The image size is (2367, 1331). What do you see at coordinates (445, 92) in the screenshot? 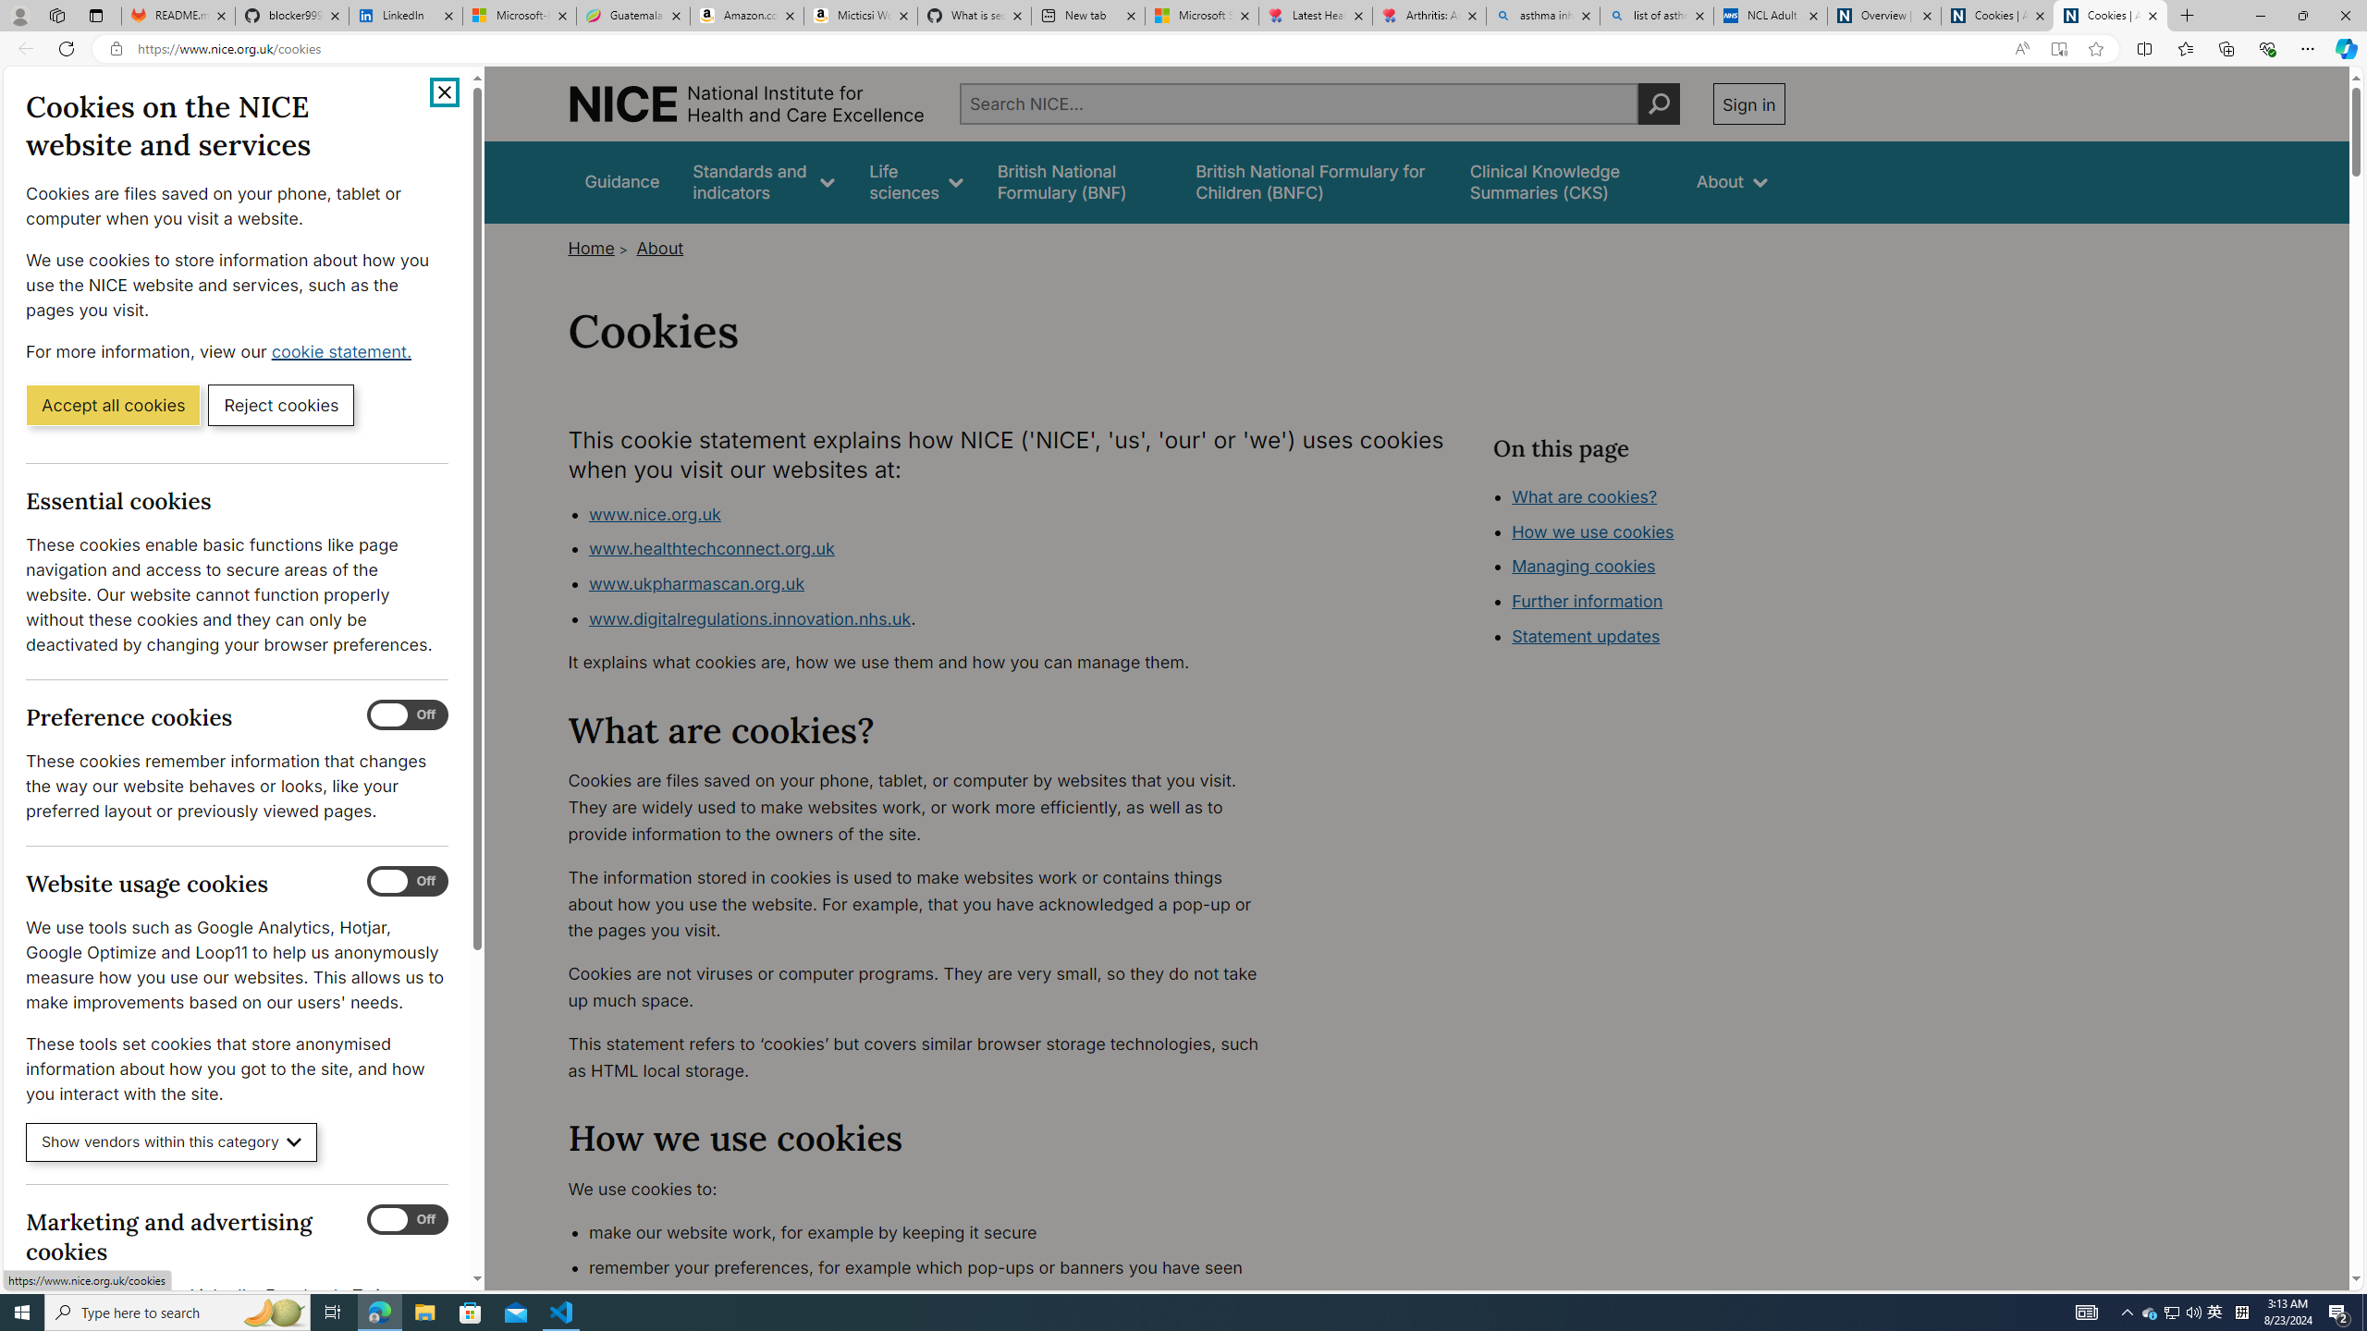
I see `'Close cookie banner'` at bounding box center [445, 92].